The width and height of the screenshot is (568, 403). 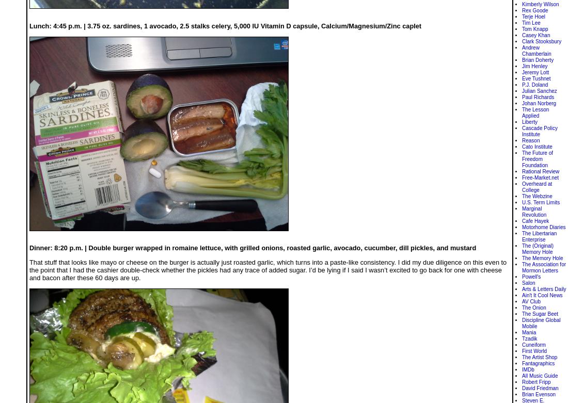 What do you see at coordinates (540, 314) in the screenshot?
I see `'The Sugar Beet'` at bounding box center [540, 314].